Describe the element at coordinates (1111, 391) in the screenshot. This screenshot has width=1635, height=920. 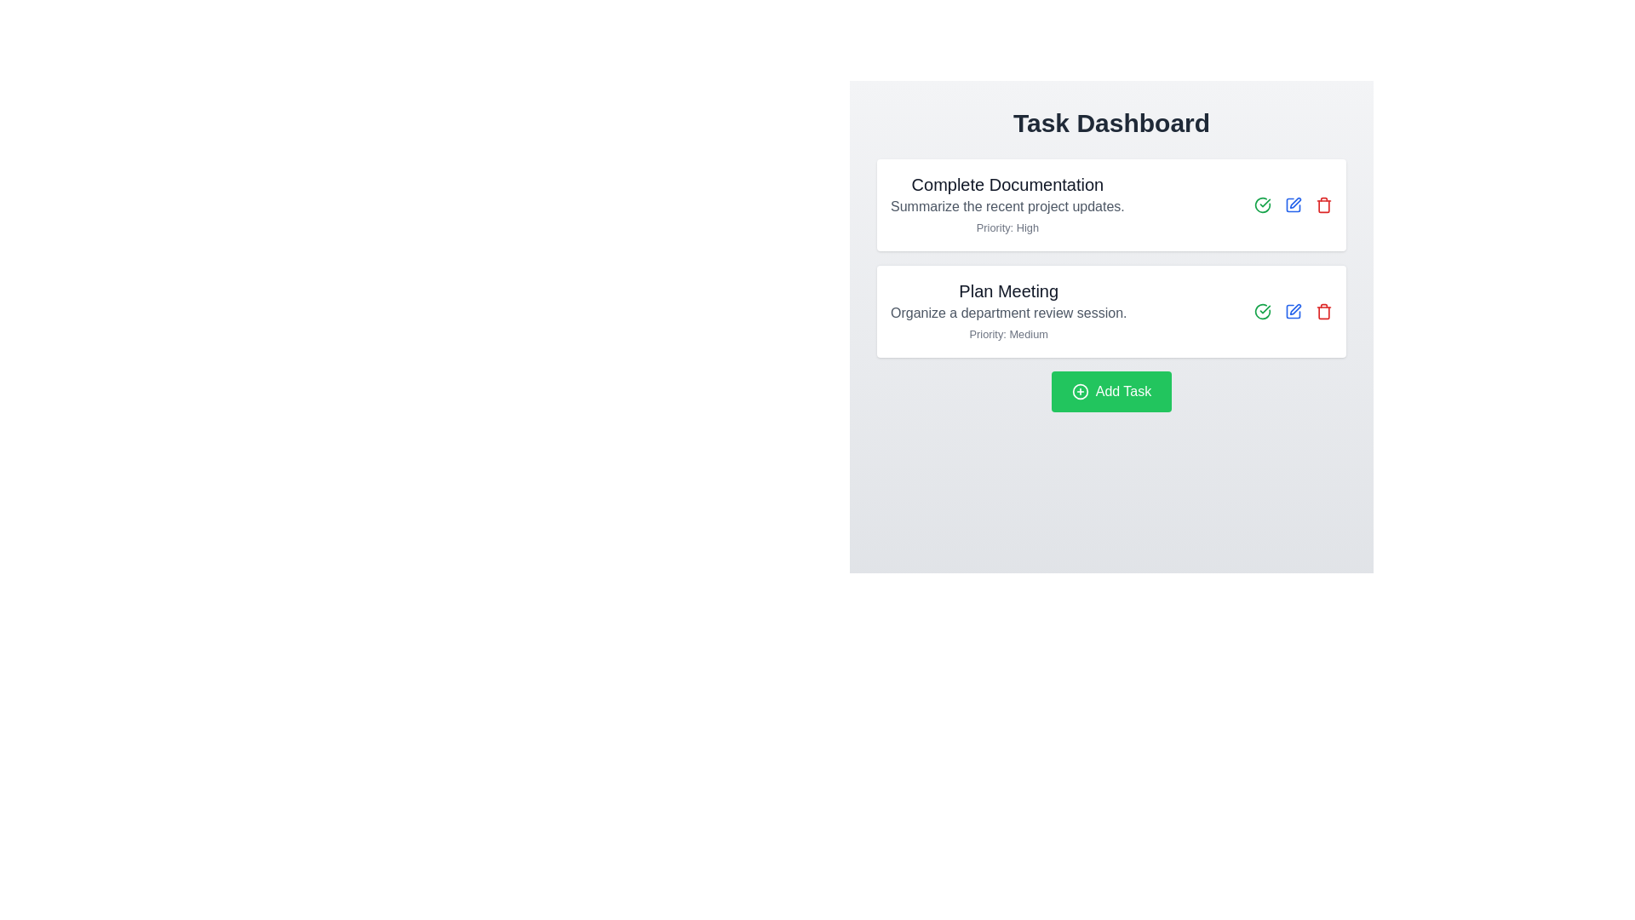
I see `the 'Add Task' button, which is a rectangular green button with rounded edges, displaying the text 'Add Task' and a circular plus icon, located at the bottom of the task list section` at that location.